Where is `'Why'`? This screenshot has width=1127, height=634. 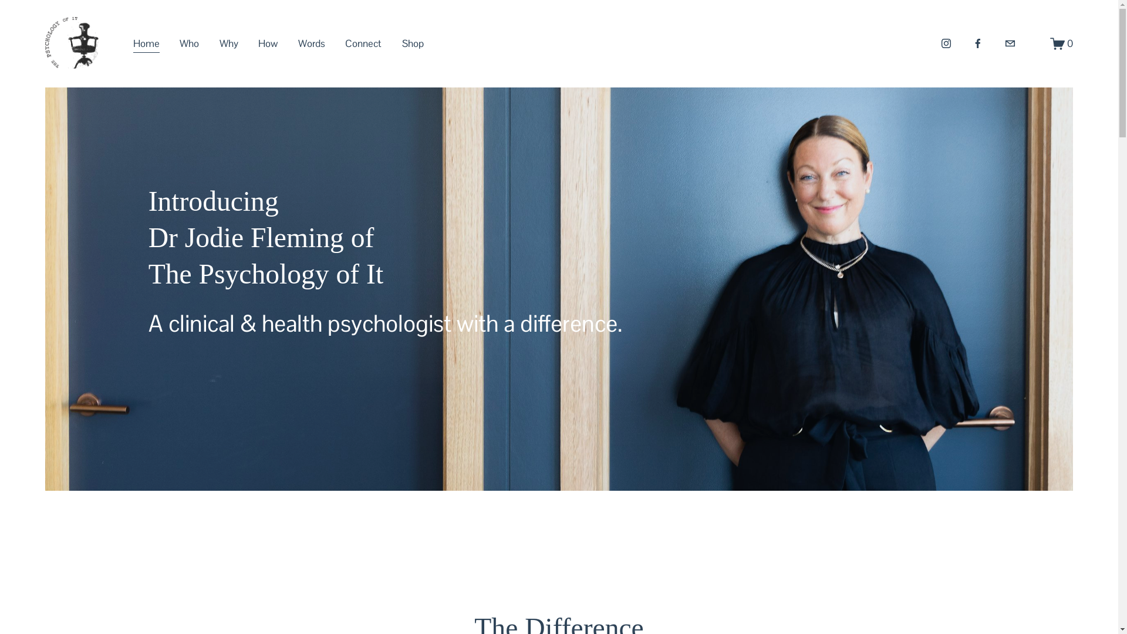 'Why' is located at coordinates (220, 42).